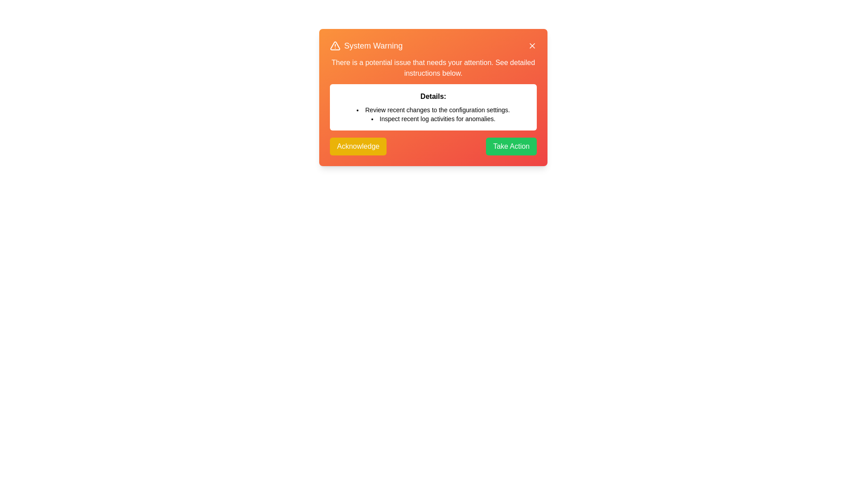  Describe the element at coordinates (433, 146) in the screenshot. I see `the Button Group located at the bottom of the notification box with an orange gradient background` at that location.